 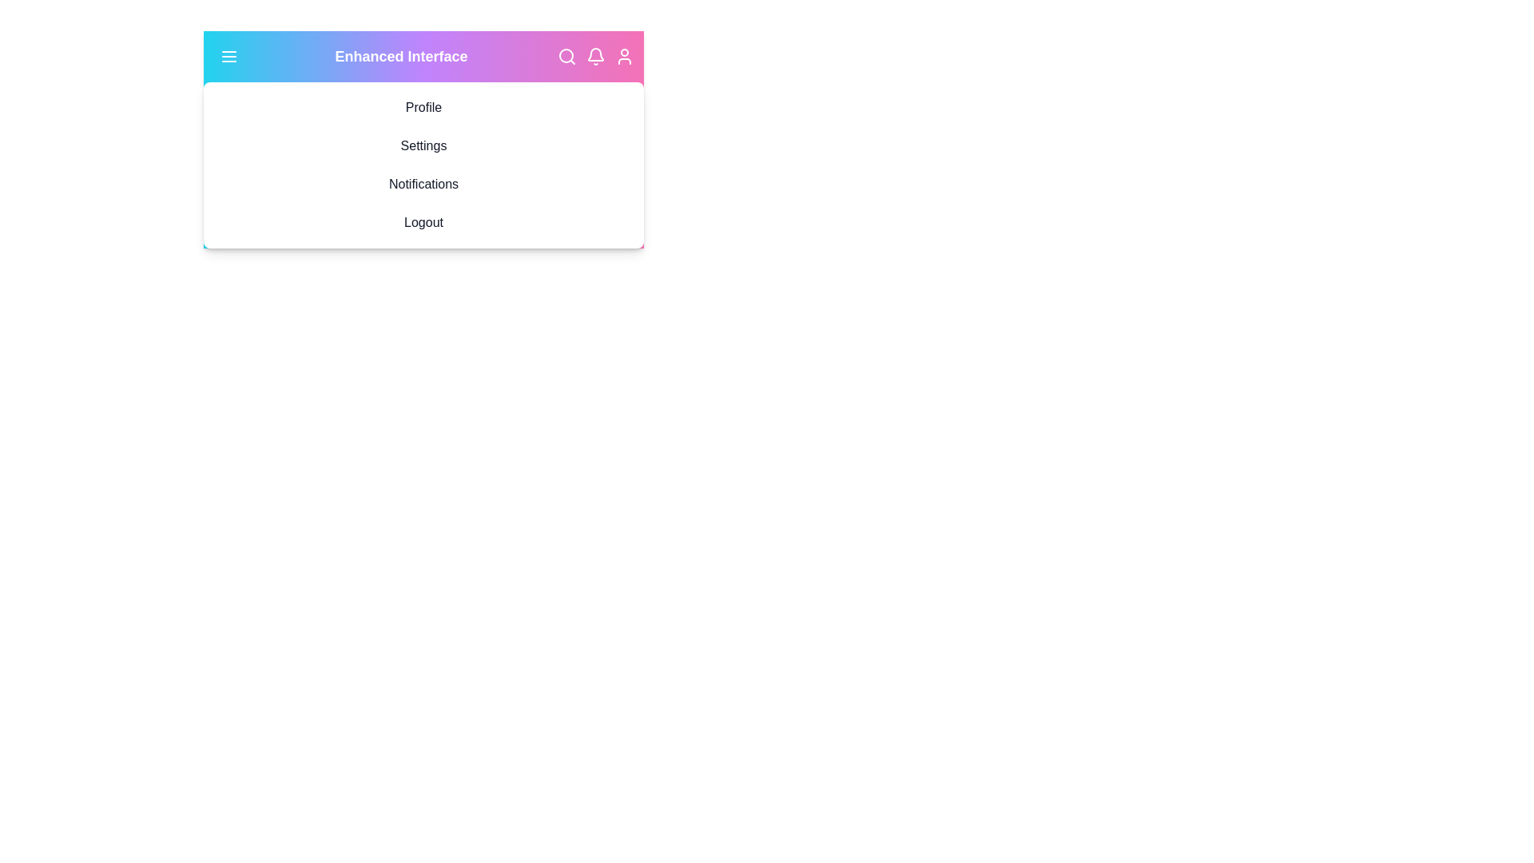 I want to click on the menu option Notifications to observe its hover effect, so click(x=423, y=184).